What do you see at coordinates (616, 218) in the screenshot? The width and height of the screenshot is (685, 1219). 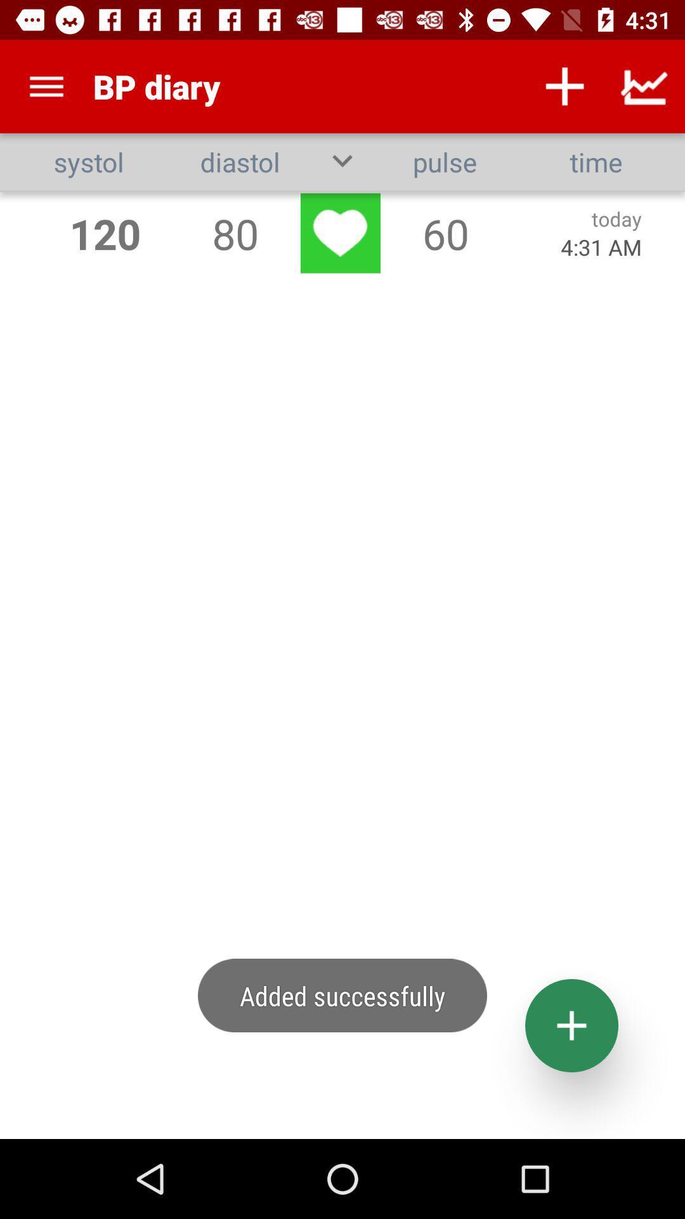 I see `item above 4:31 am` at bounding box center [616, 218].